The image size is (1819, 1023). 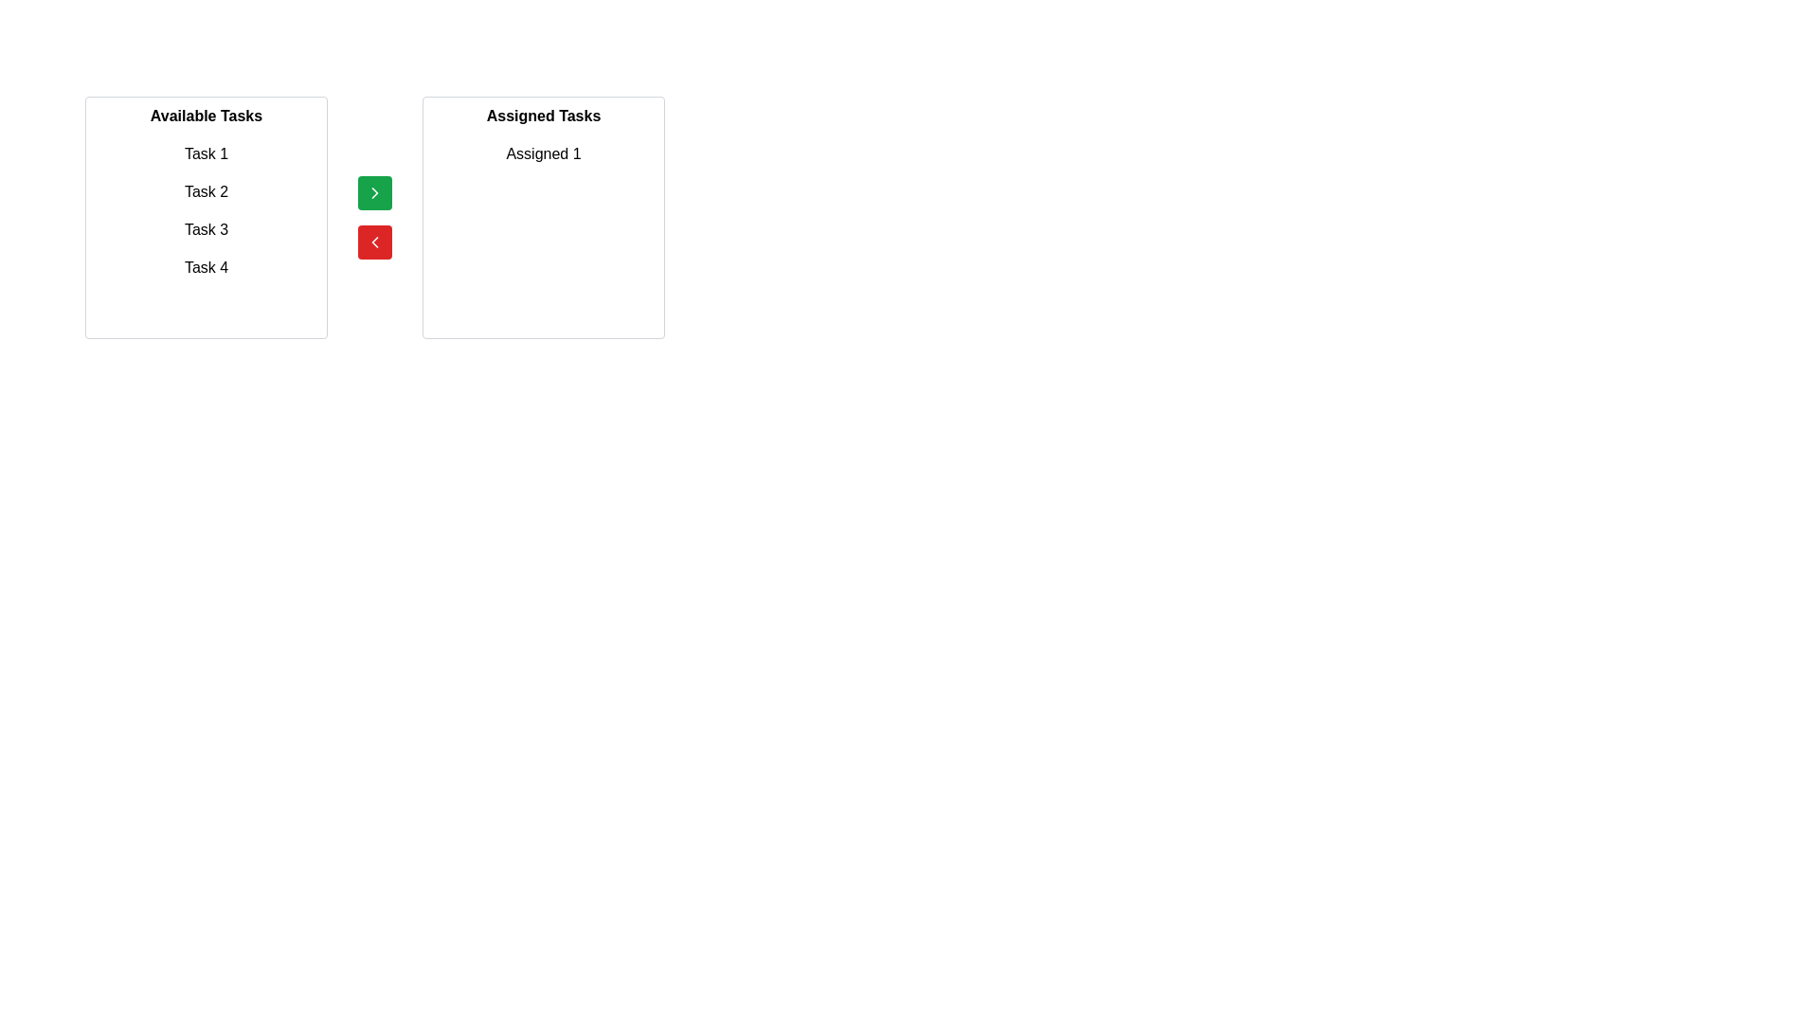 I want to click on the Icon button that facilitates navigation or action related to moving tasks in the direction it points, located between the 'Available Tasks' and 'Assigned Tasks' columns, below a green button with a right-pointing chevron icon, so click(x=374, y=241).